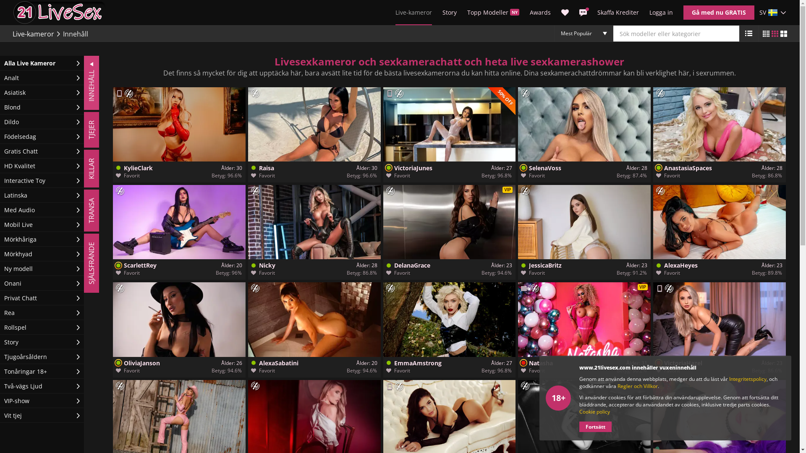 The height and width of the screenshot is (453, 806). Describe the element at coordinates (649, 13) in the screenshot. I see `'Logga in'` at that location.